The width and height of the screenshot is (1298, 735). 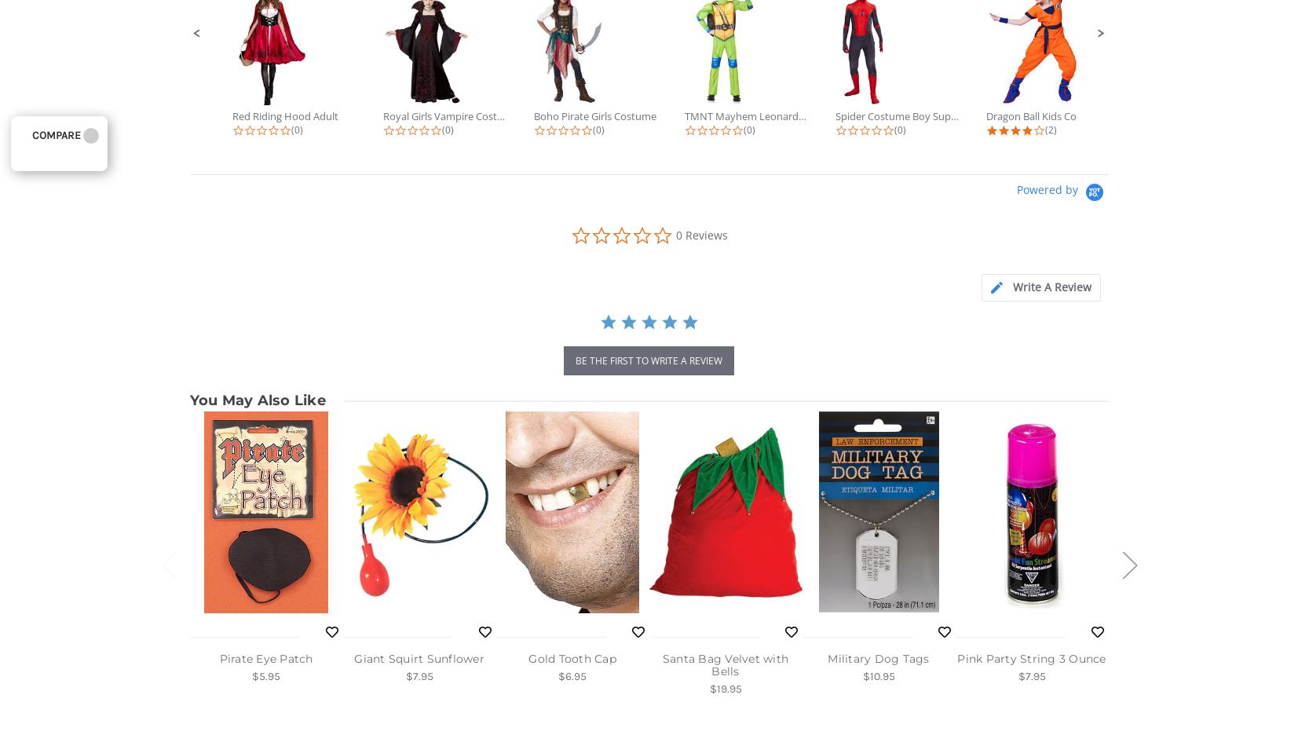 I want to click on 'Red Riding Hood Adult', so click(x=283, y=115).